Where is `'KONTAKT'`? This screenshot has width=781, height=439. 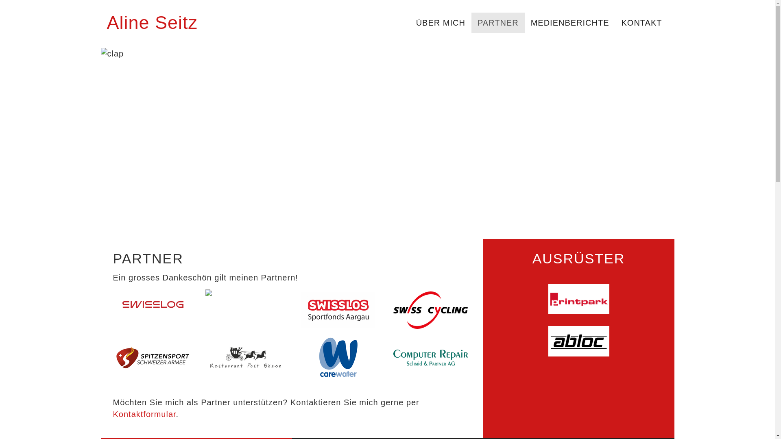
'KONTAKT' is located at coordinates (641, 22).